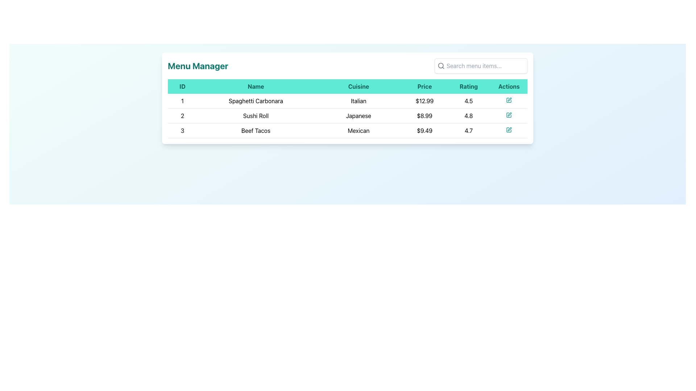 This screenshot has height=391, width=696. What do you see at coordinates (441, 66) in the screenshot?
I see `the magnifying glass icon located at the leftmost side of the search bar to invoke a search action or focus the input` at bounding box center [441, 66].